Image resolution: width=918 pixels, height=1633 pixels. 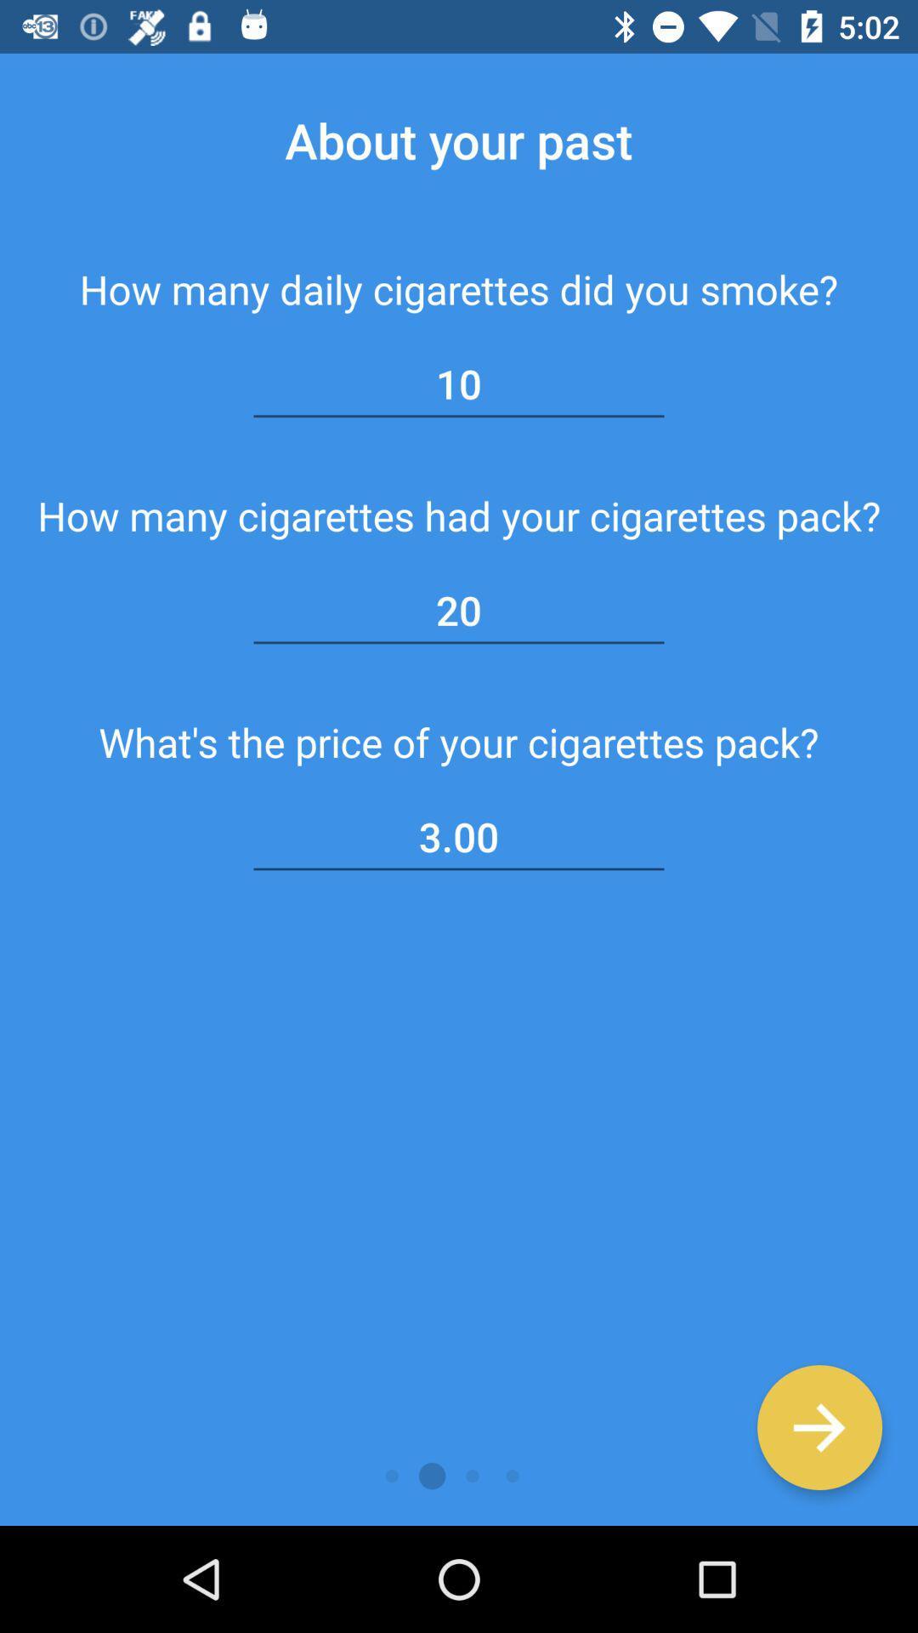 I want to click on more for your health, so click(x=819, y=1427).